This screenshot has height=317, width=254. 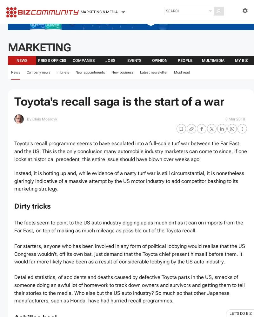 I want to click on 'Detailed statistics, of accidents and deaths caused by defective Toyota parts in the US, smacks of someone doing an awful lot of homework to track down owners and survivors and getting them to tell their stories to the media. Who else but the US auto industry? So much so that other Japanese manufacturers, such as Honda, have had hurried recall programmes.', so click(x=130, y=289).